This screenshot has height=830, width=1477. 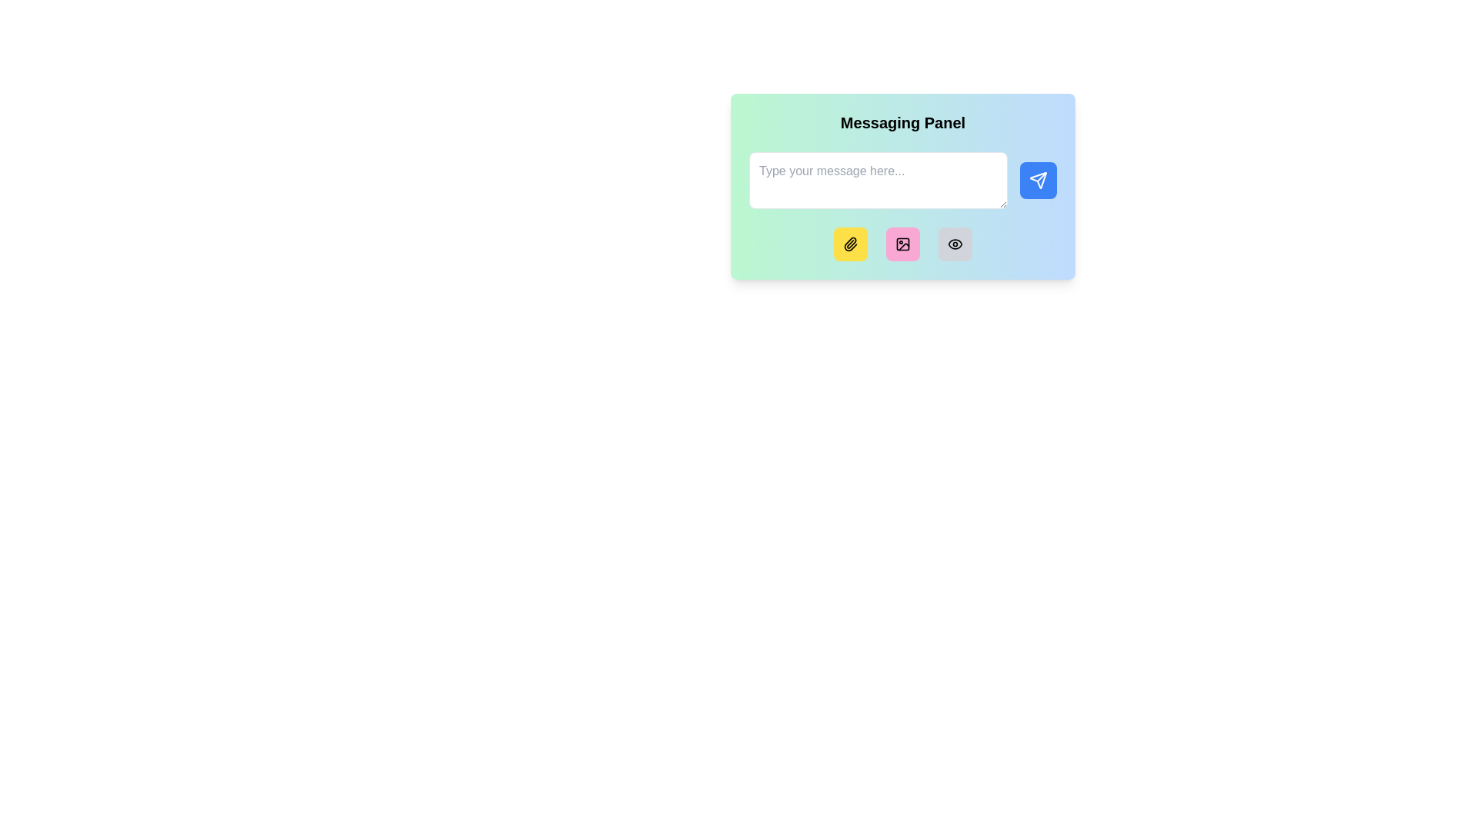 I want to click on the rectangular icon with a soft pink background that represents image selection, located in the toolbar of icons below the 'Messaging Panel', specifically the second icon from the left, so click(x=903, y=243).